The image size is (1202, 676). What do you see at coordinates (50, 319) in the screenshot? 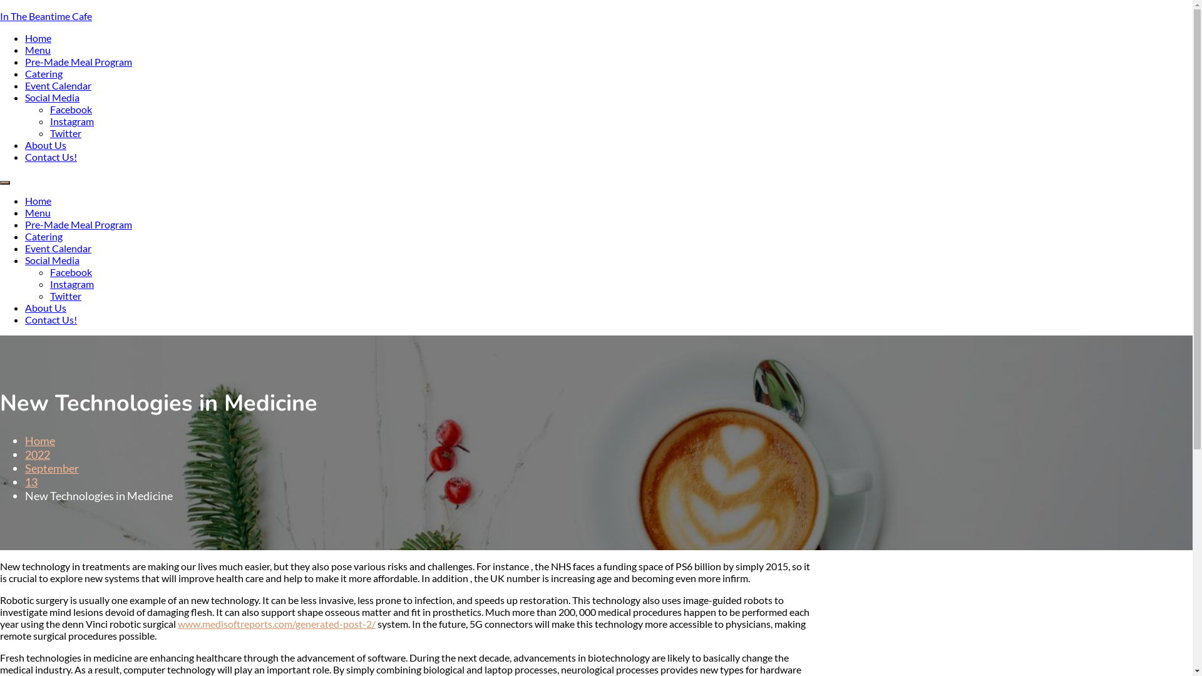
I see `'Contact Us!'` at bounding box center [50, 319].